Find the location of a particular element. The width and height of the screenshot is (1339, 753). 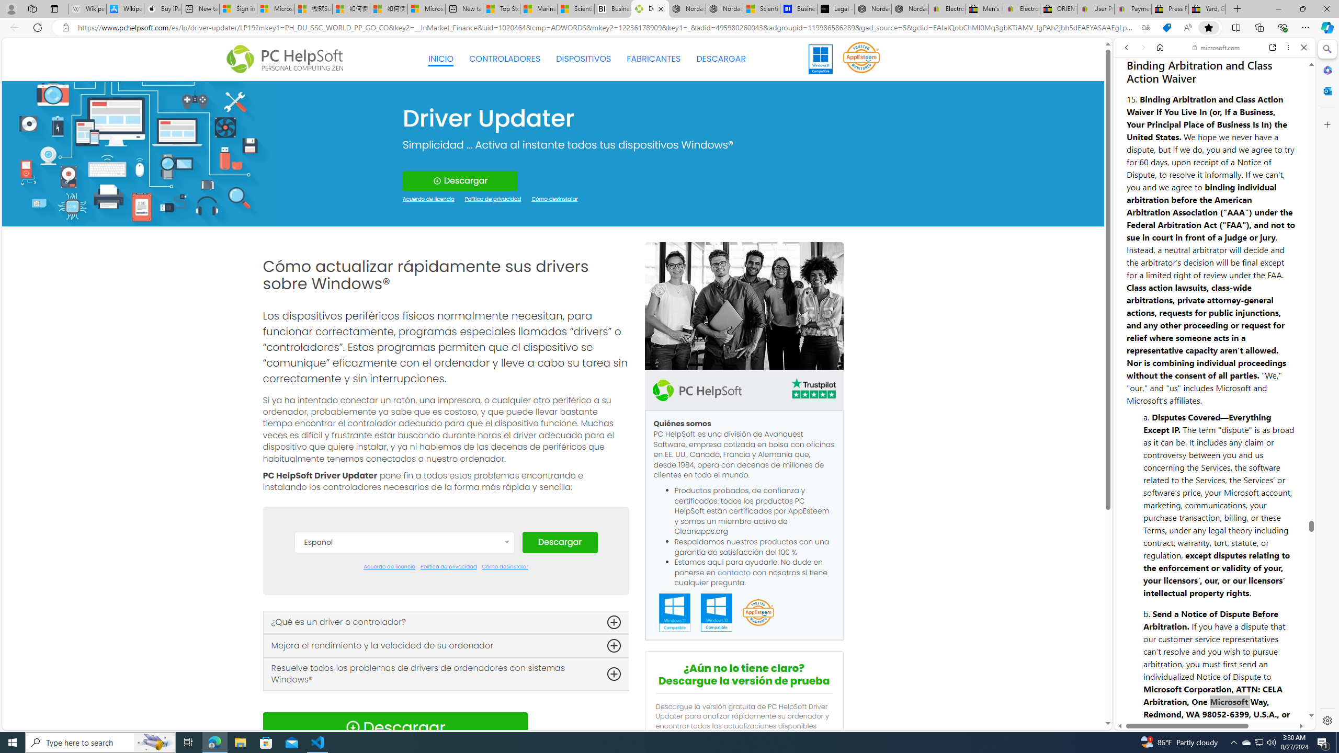

'Acuerdo de licencia' is located at coordinates (389, 566).